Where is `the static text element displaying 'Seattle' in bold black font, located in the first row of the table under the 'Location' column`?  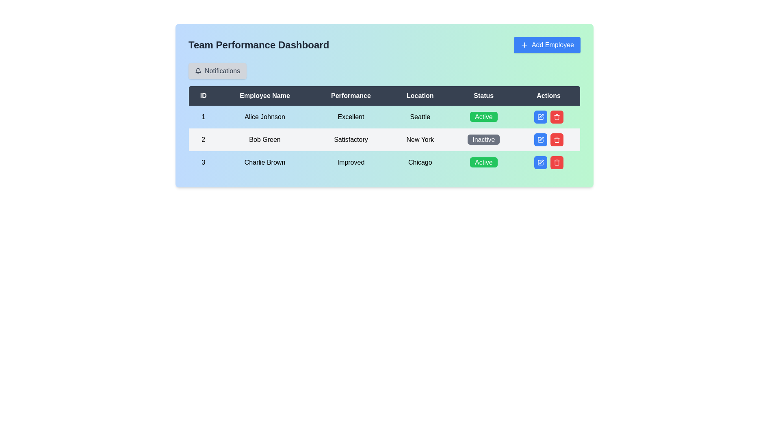
the static text element displaying 'Seattle' in bold black font, located in the first row of the table under the 'Location' column is located at coordinates (420, 117).